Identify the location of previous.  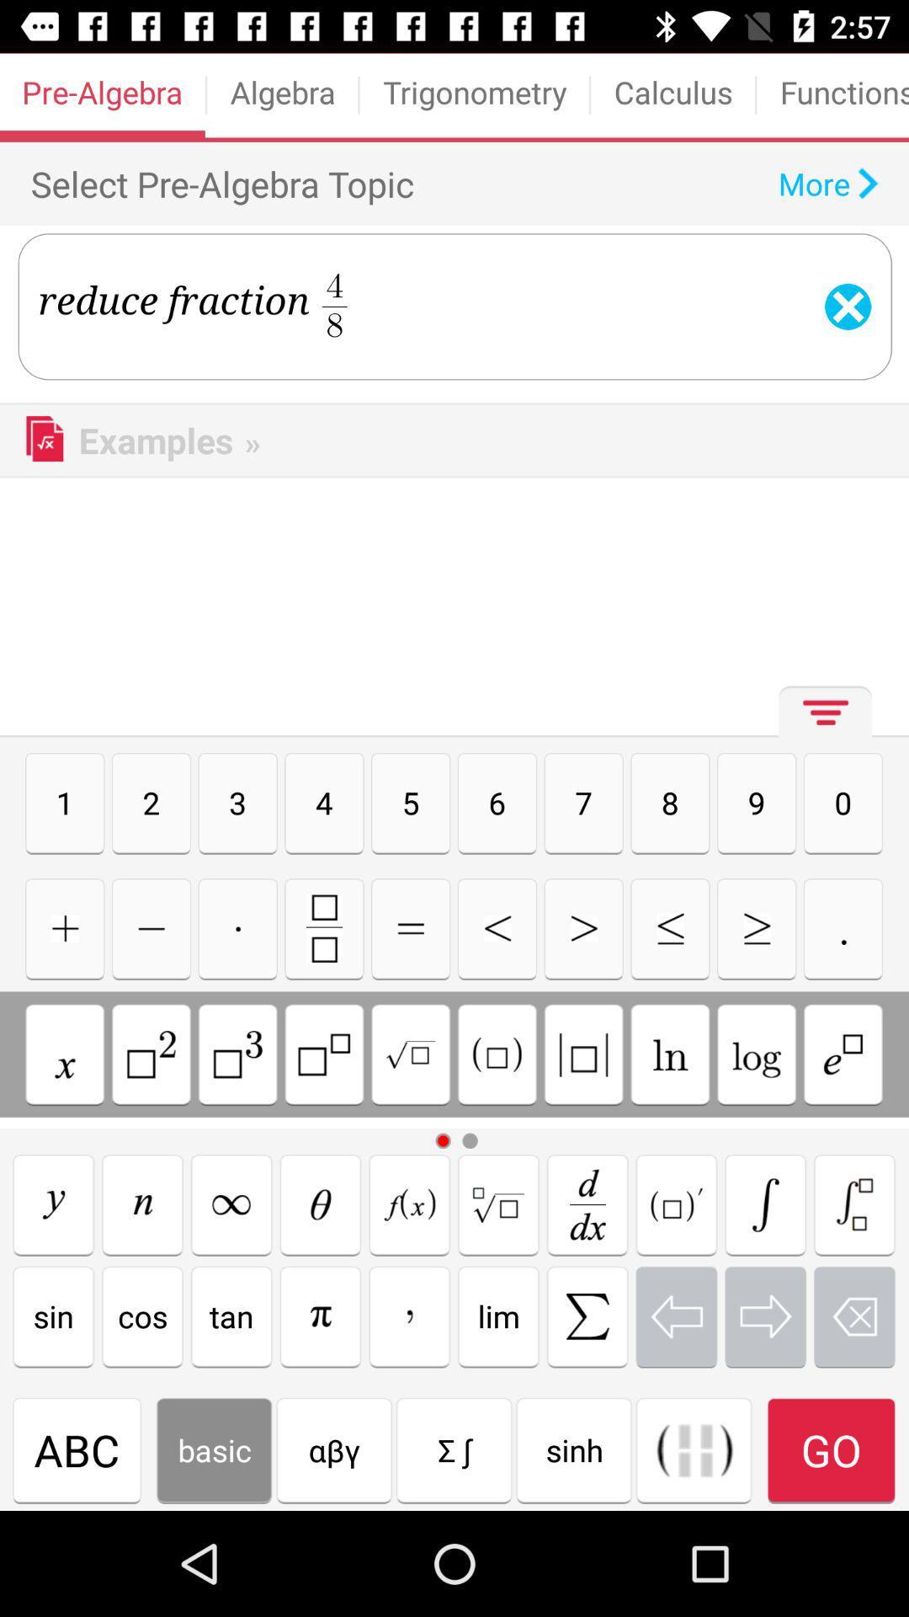
(675, 1315).